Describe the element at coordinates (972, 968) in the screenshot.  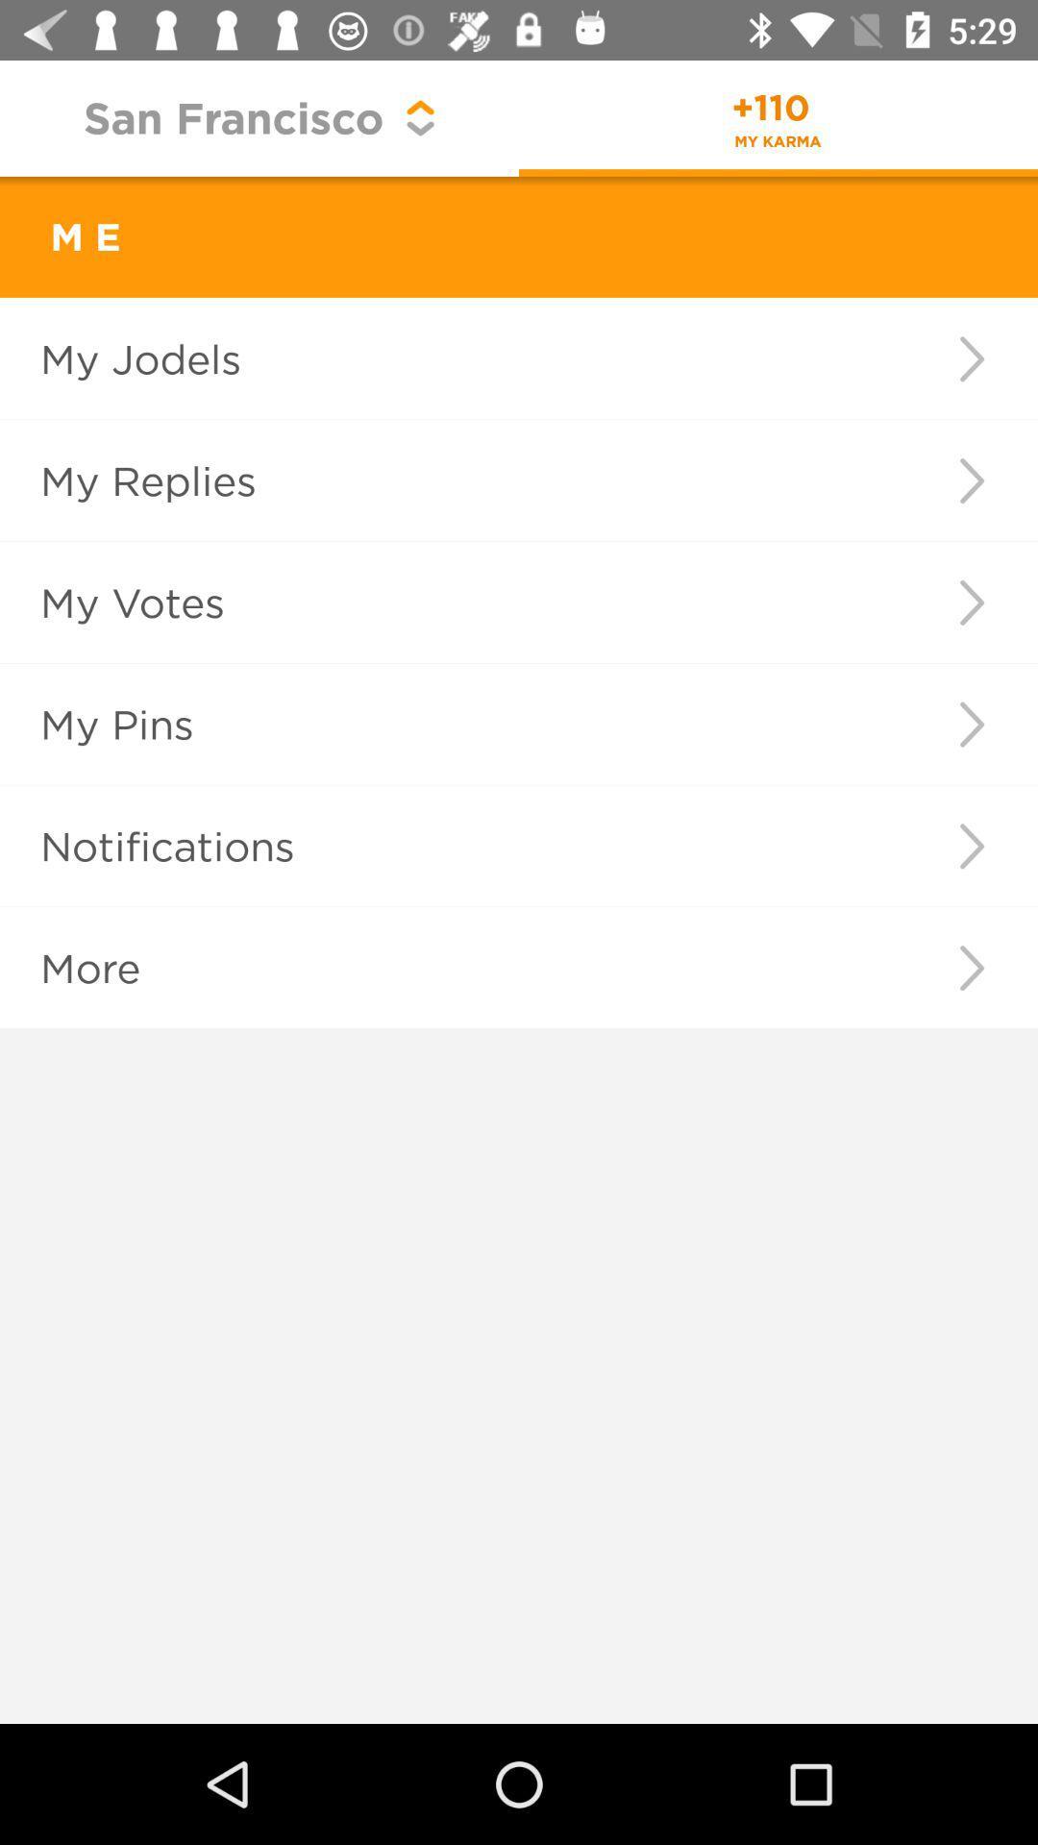
I see `icon next to the more` at that location.